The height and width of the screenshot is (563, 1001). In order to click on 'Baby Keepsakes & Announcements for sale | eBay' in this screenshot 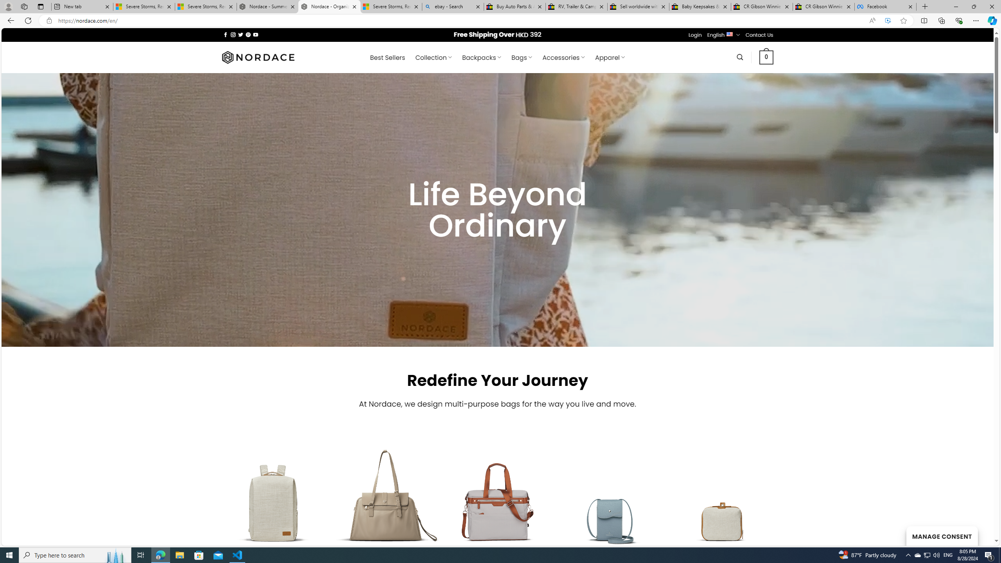, I will do `click(700, 6)`.